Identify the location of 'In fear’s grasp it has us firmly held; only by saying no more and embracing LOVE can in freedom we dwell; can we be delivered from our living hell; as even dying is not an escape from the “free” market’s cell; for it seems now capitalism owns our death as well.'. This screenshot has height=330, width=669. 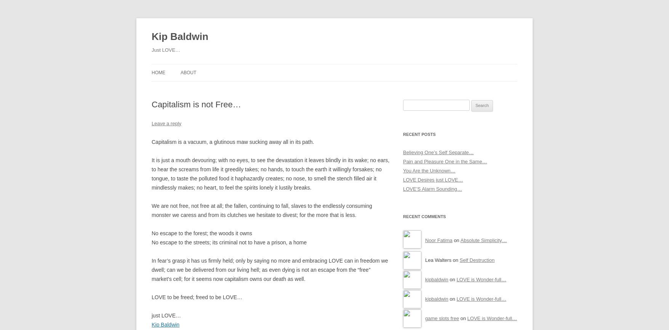
(270, 269).